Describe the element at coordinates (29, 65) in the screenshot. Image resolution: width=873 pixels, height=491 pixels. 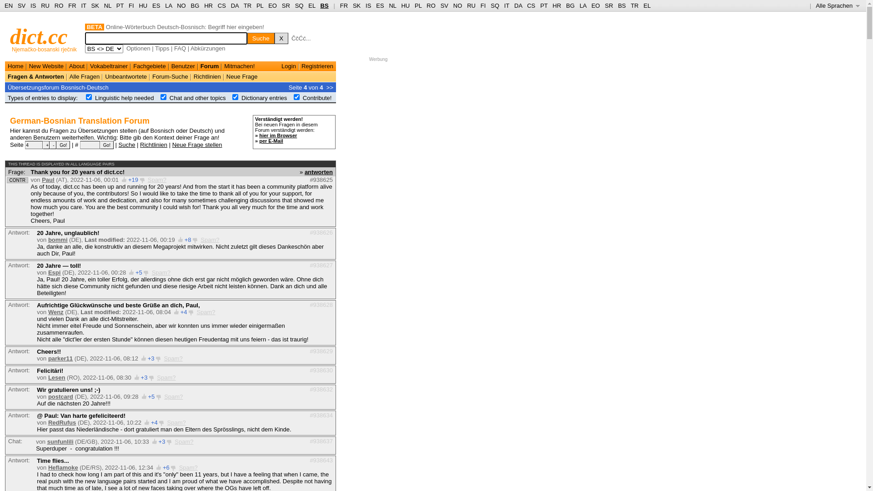
I see `'New Website'` at that location.